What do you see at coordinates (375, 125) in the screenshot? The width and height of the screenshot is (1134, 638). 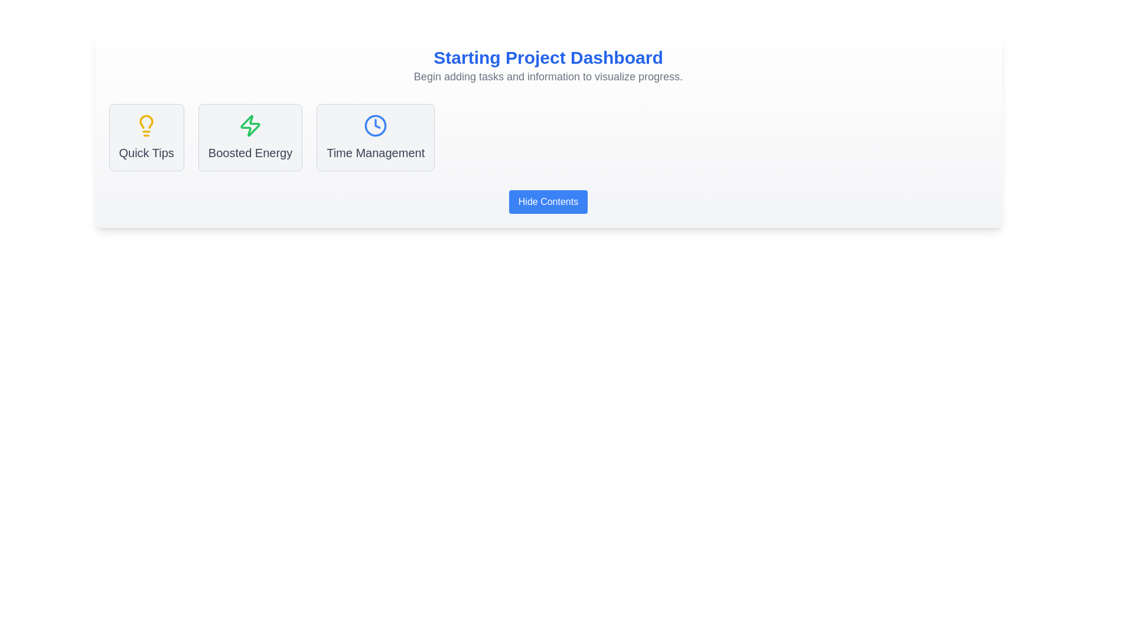 I see `the decorative icon representing time within the 'Time Management' box, which is centered in the layout's third column and positioned above the 'Time Management' text` at bounding box center [375, 125].